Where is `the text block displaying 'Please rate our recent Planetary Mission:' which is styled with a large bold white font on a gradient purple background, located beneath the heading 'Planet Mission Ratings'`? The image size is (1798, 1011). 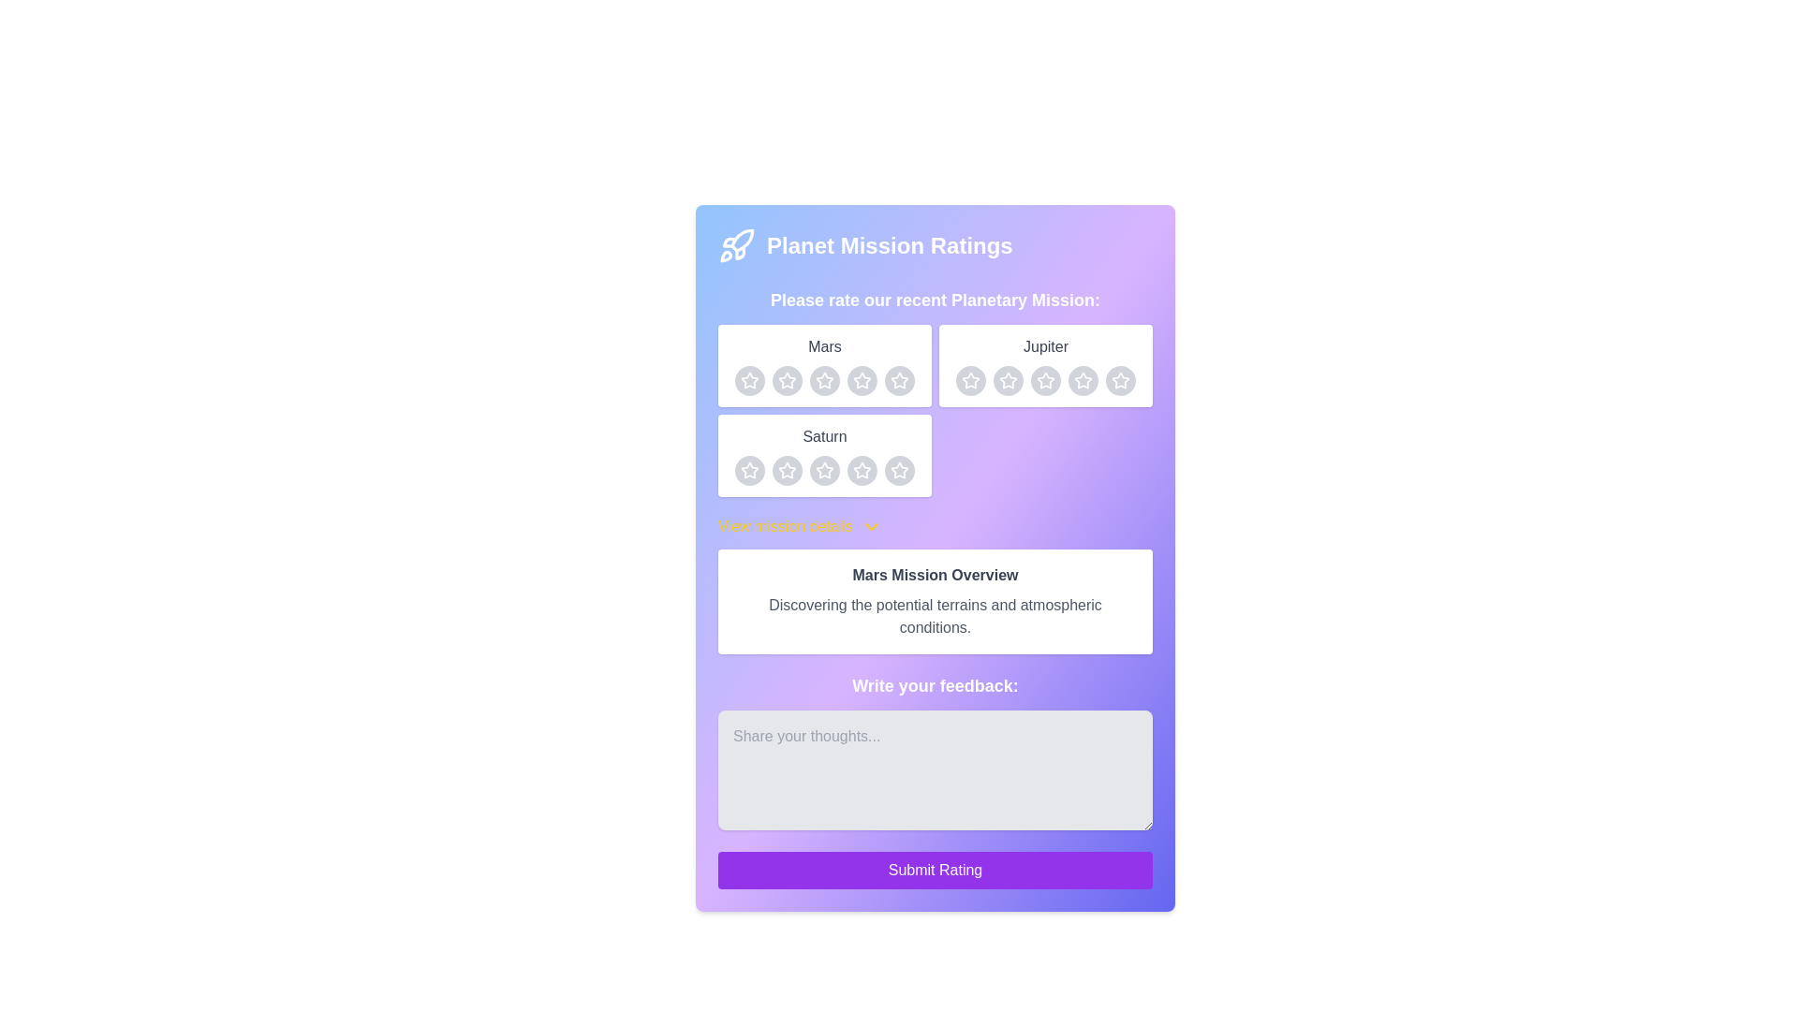
the text block displaying 'Please rate our recent Planetary Mission:' which is styled with a large bold white font on a gradient purple background, located beneath the heading 'Planet Mission Ratings' is located at coordinates (935, 299).